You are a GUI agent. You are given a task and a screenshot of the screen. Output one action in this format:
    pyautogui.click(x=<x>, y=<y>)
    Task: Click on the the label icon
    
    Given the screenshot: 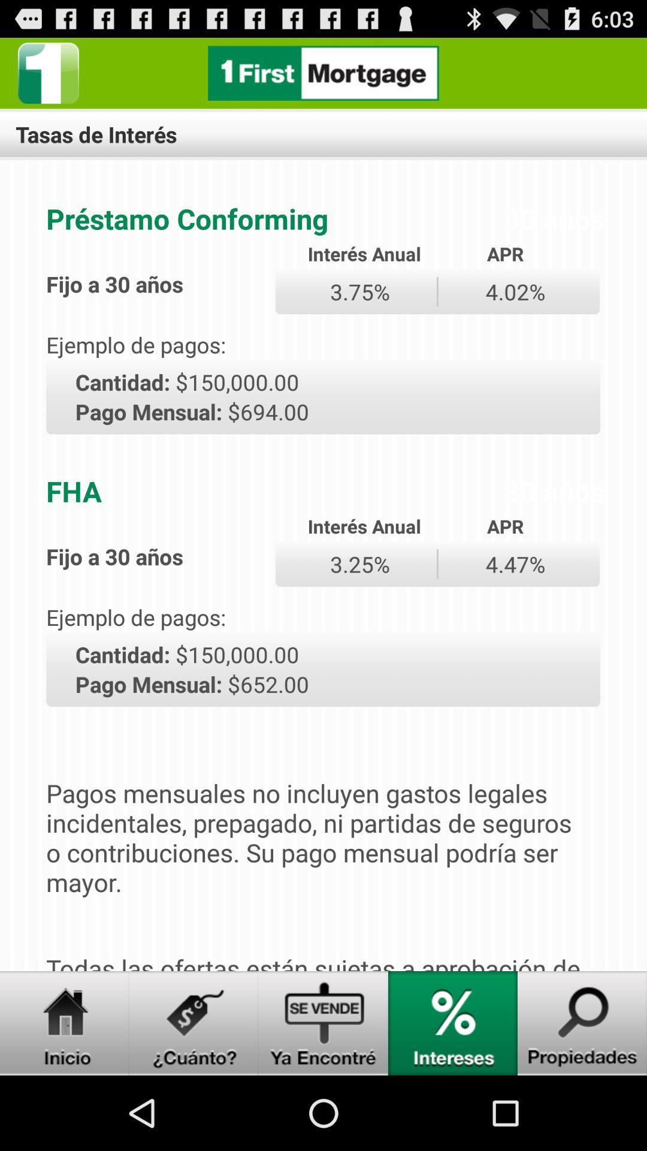 What is the action you would take?
    pyautogui.click(x=194, y=1095)
    